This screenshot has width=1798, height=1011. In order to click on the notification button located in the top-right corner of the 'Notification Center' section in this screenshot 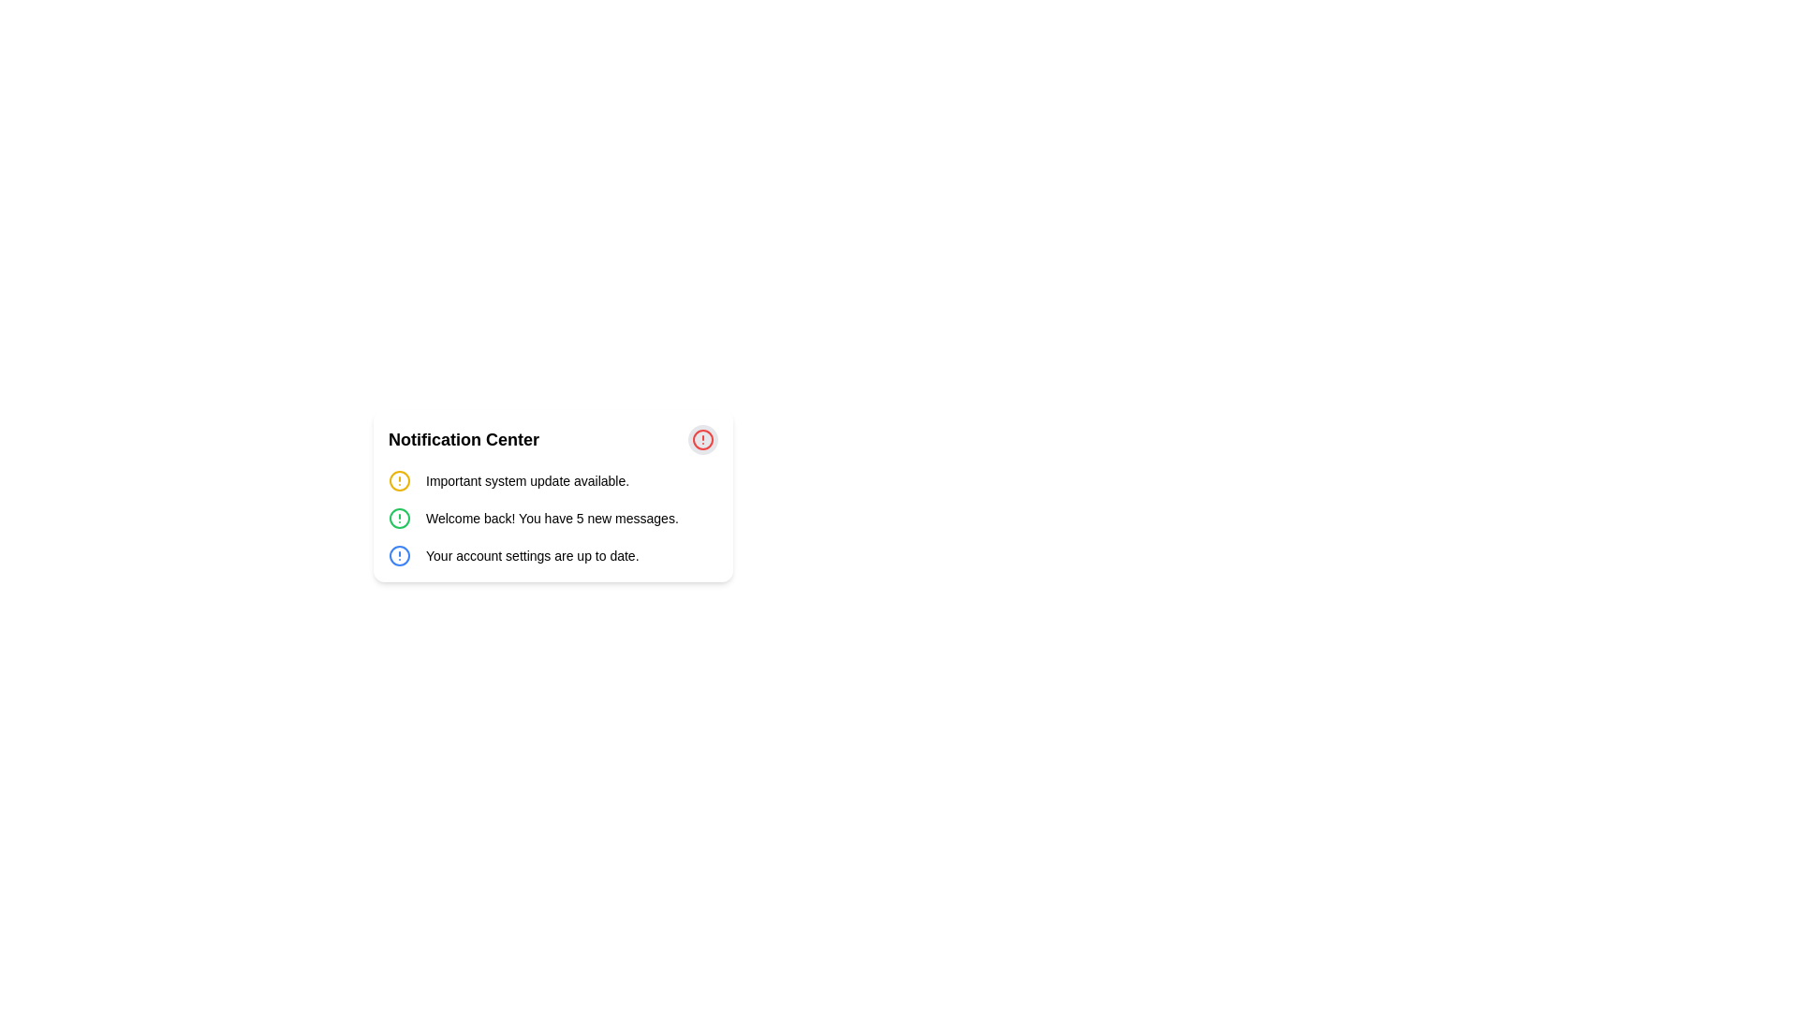, I will do `click(701, 440)`.